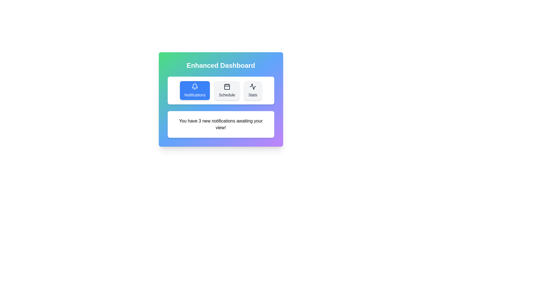 This screenshot has width=533, height=300. What do you see at coordinates (252, 87) in the screenshot?
I see `waveform SVG icon within the 'Stats' icon under the 'Enhanced Dashboard' header for individual styling properties` at bounding box center [252, 87].